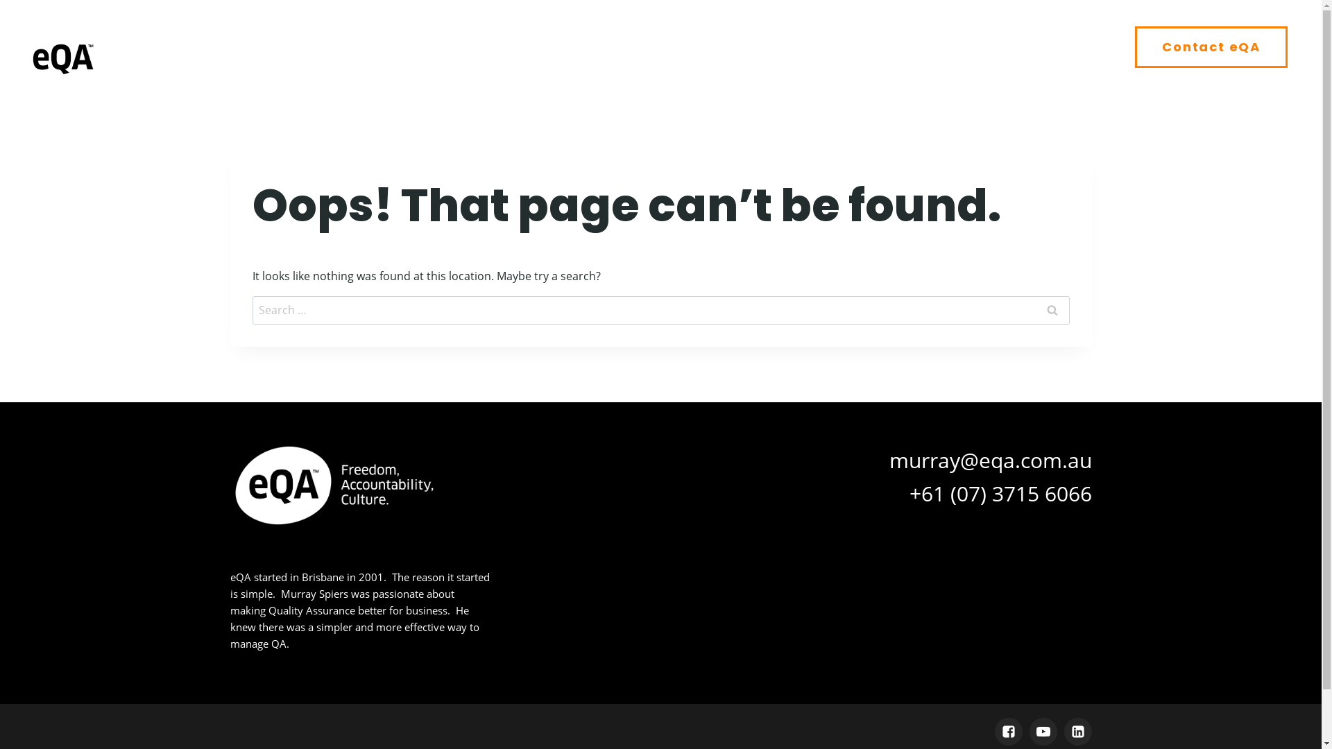 This screenshot has width=1332, height=749. Describe the element at coordinates (929, 46) in the screenshot. I see `'Client Work'` at that location.